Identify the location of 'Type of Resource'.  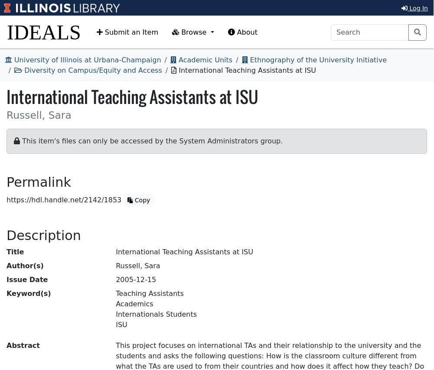
(39, 143).